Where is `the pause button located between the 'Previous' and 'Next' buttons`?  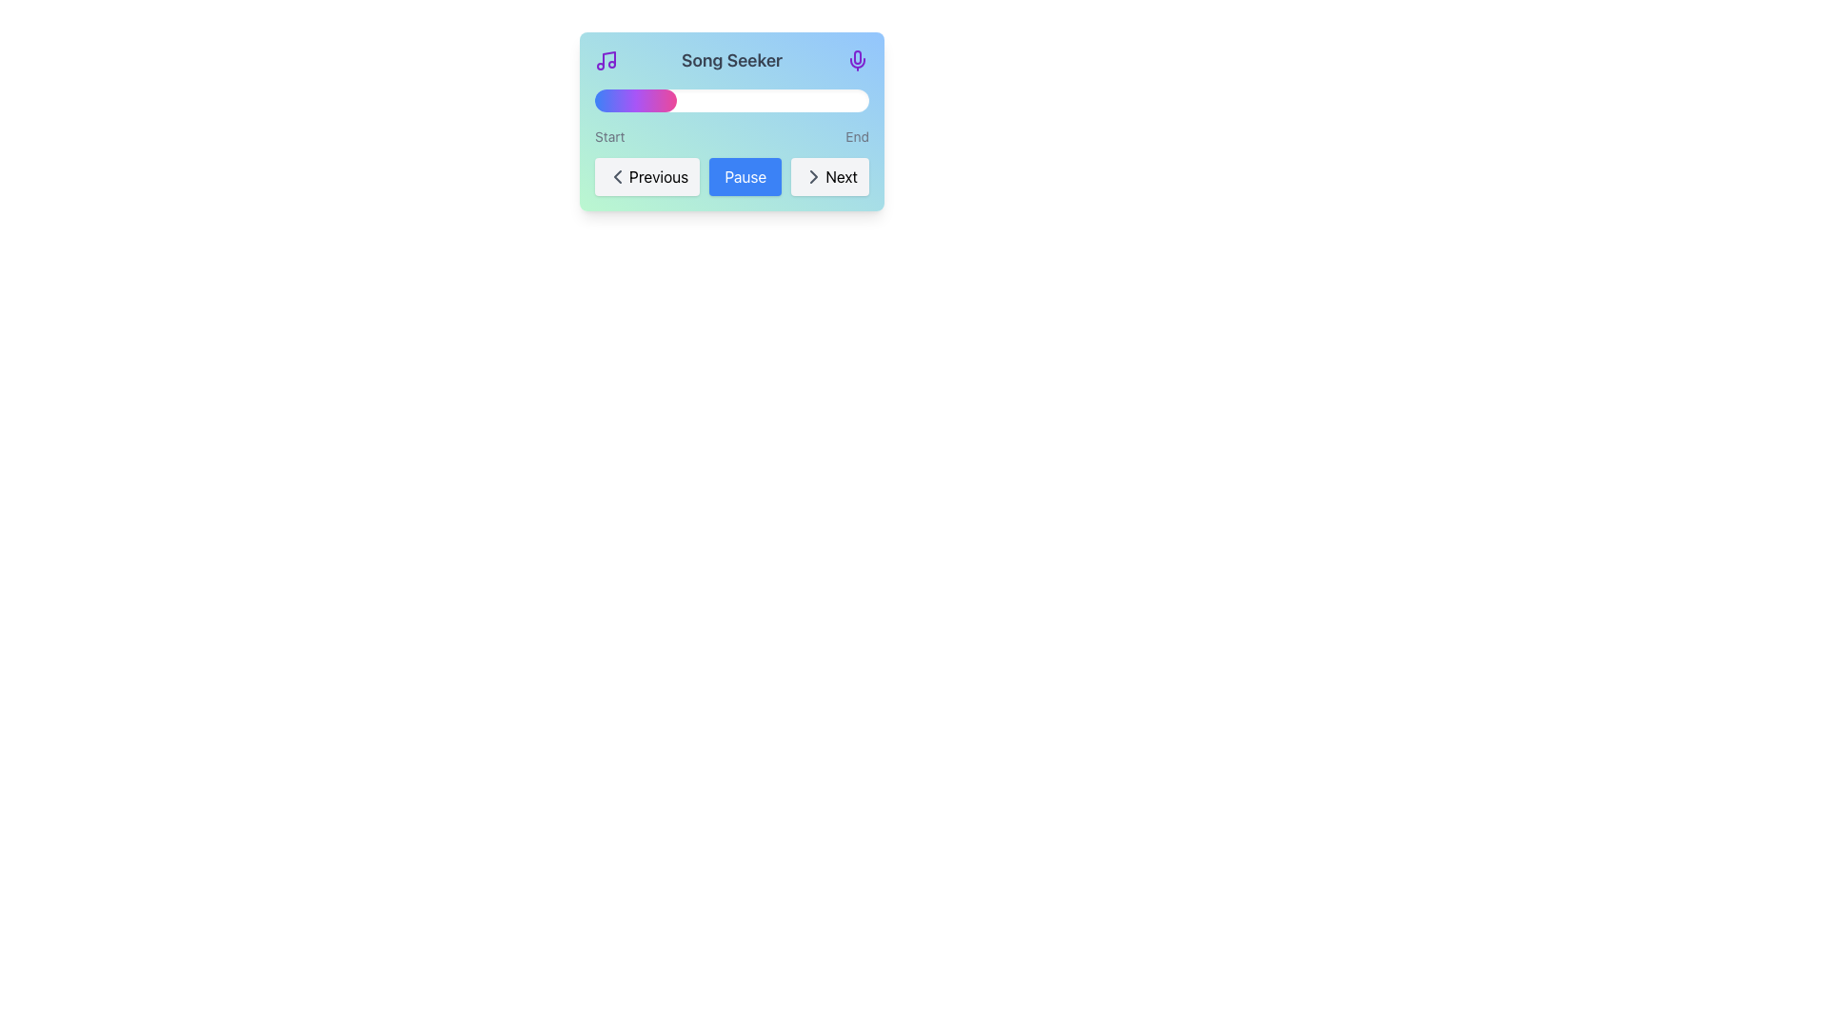
the pause button located between the 'Previous' and 'Next' buttons is located at coordinates (745, 176).